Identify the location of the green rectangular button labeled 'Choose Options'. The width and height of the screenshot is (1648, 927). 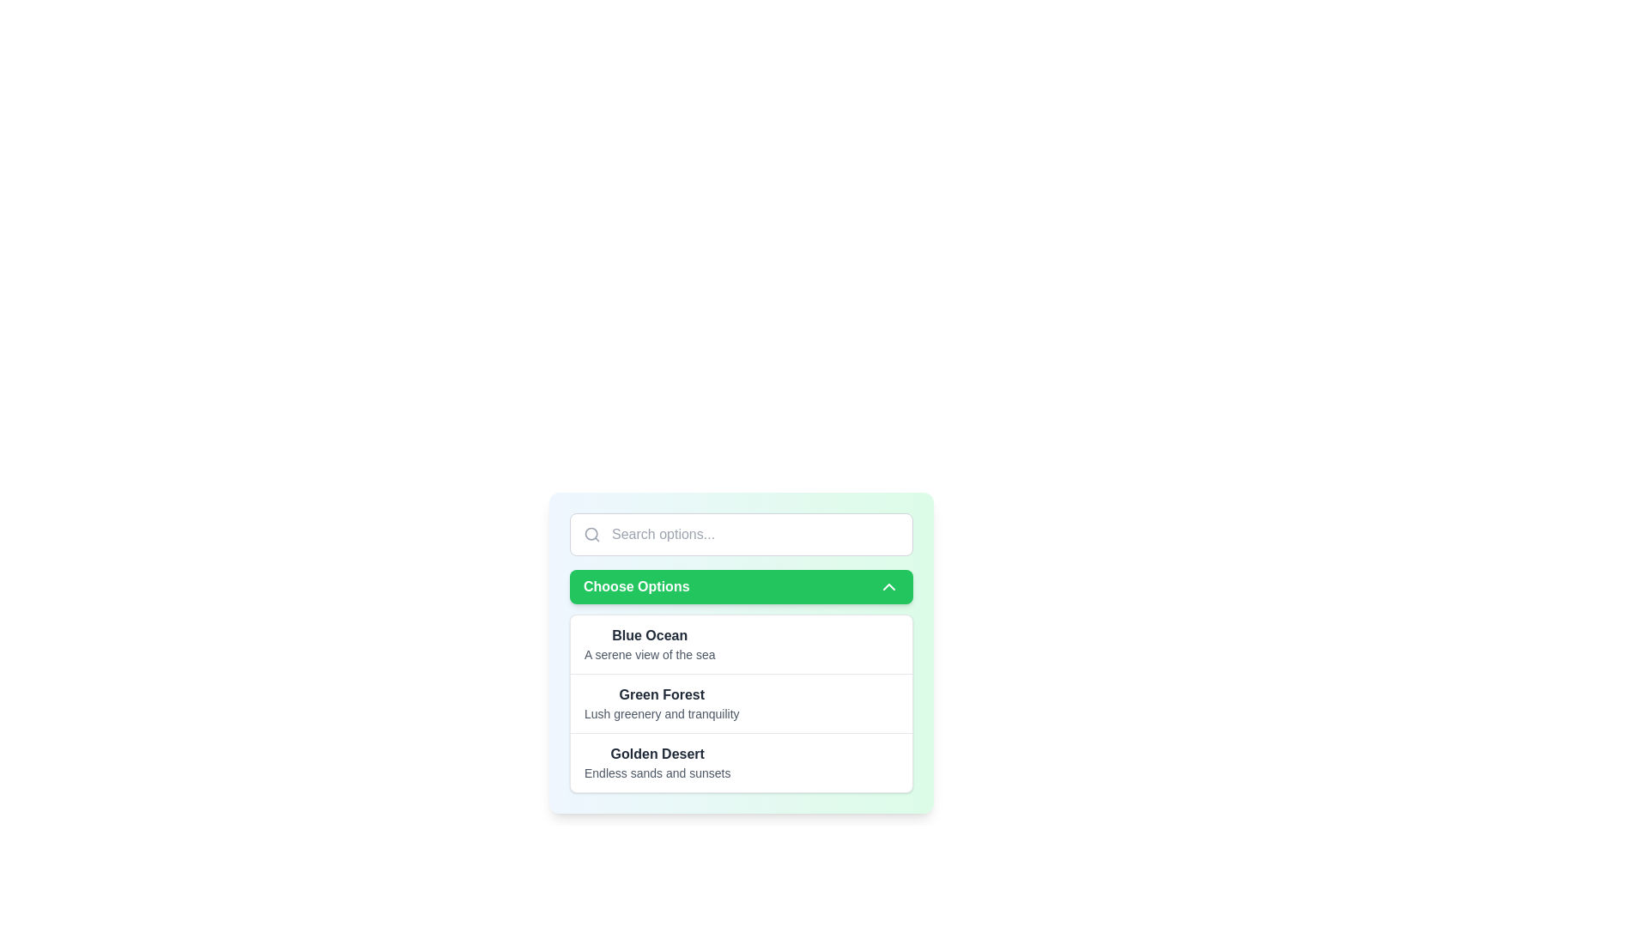
(742, 585).